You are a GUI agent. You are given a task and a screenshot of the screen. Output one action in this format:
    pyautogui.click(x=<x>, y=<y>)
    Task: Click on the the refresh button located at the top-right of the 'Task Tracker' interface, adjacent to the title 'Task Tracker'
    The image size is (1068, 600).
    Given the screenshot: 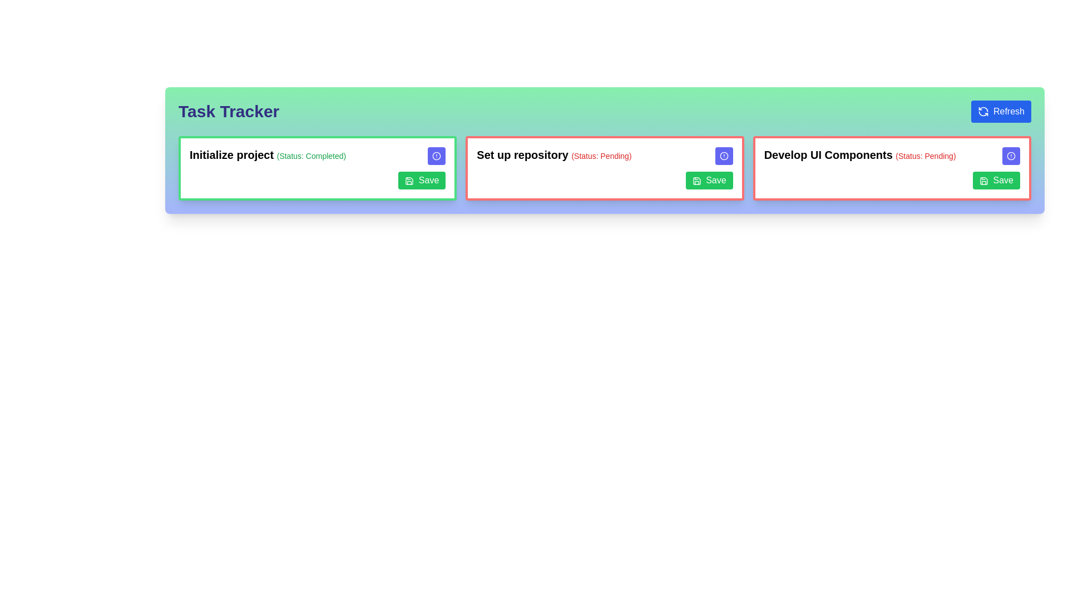 What is the action you would take?
    pyautogui.click(x=1001, y=111)
    